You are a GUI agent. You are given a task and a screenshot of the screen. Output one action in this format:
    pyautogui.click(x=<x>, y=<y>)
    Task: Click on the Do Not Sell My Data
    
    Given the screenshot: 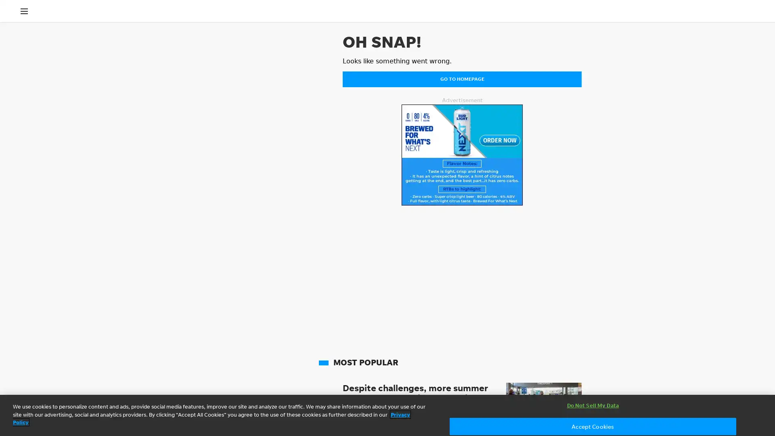 What is the action you would take?
    pyautogui.click(x=593, y=405)
    